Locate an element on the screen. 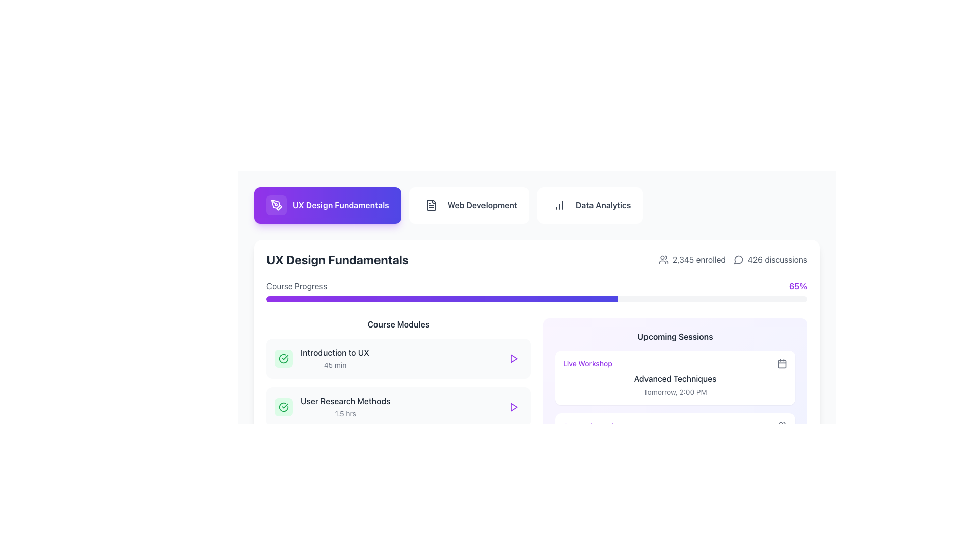  the second item in the course modules list labeled 'User Research Methods' is located at coordinates (345, 406).